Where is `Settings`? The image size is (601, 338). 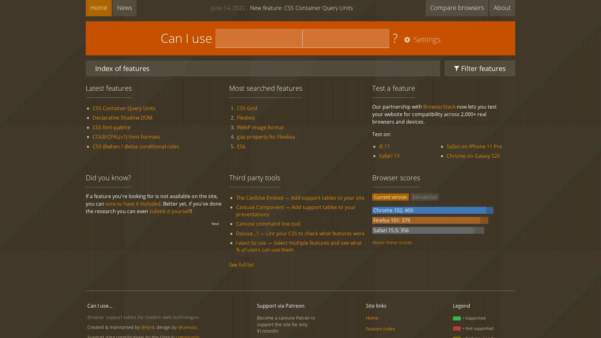 Settings is located at coordinates (421, 40).